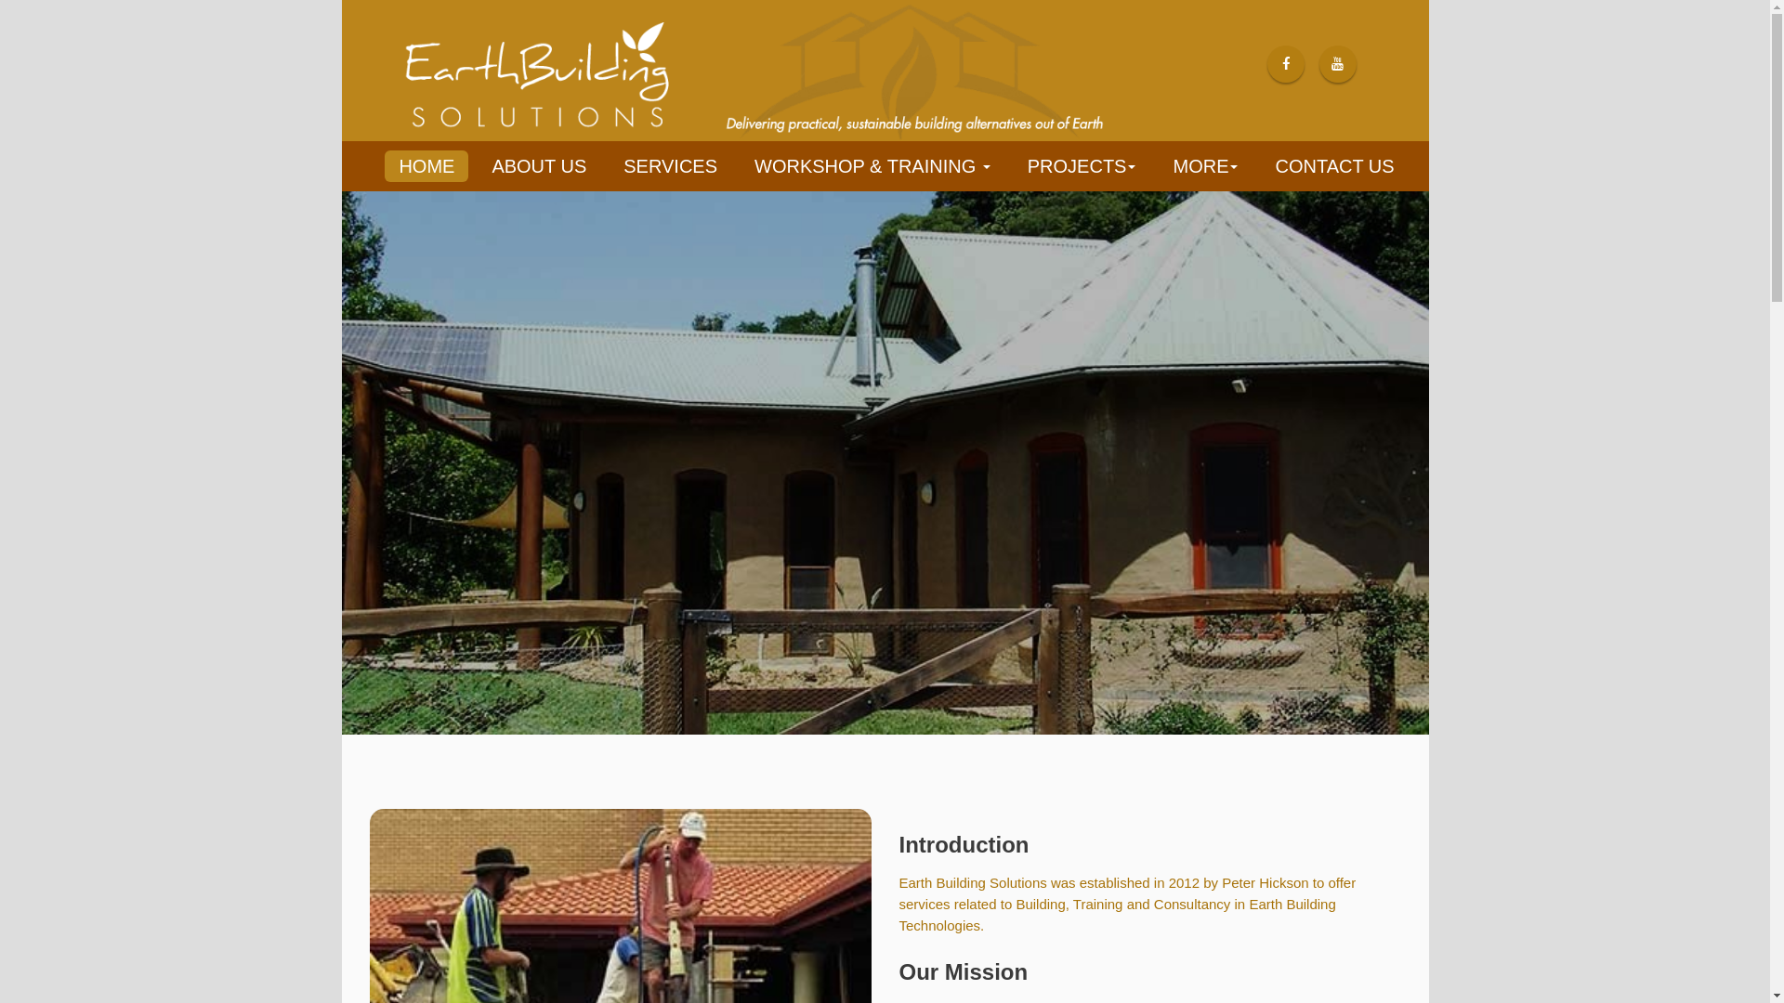 The height and width of the screenshot is (1003, 1784). I want to click on 'Facebook', so click(1285, 62).